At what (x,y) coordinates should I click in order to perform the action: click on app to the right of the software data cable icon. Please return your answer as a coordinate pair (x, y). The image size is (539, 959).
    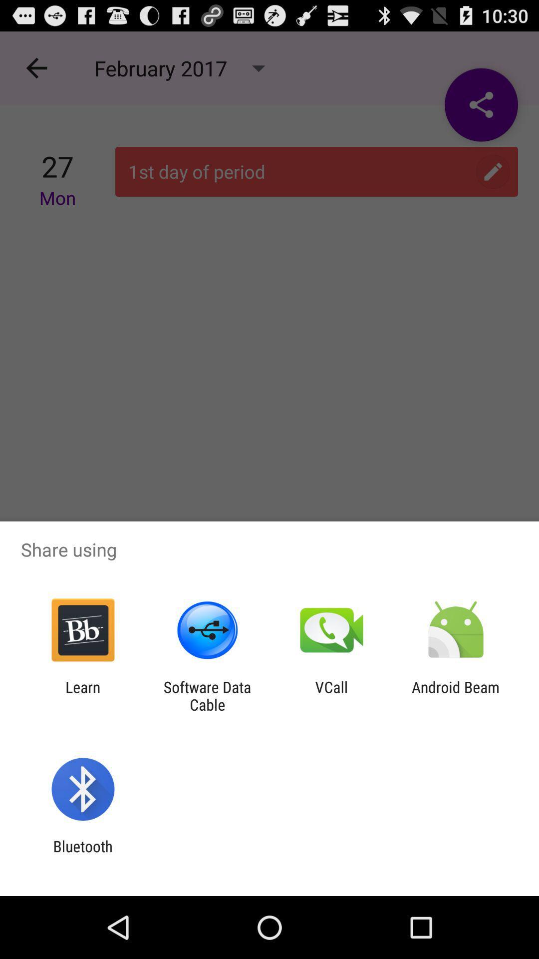
    Looking at the image, I should click on (331, 695).